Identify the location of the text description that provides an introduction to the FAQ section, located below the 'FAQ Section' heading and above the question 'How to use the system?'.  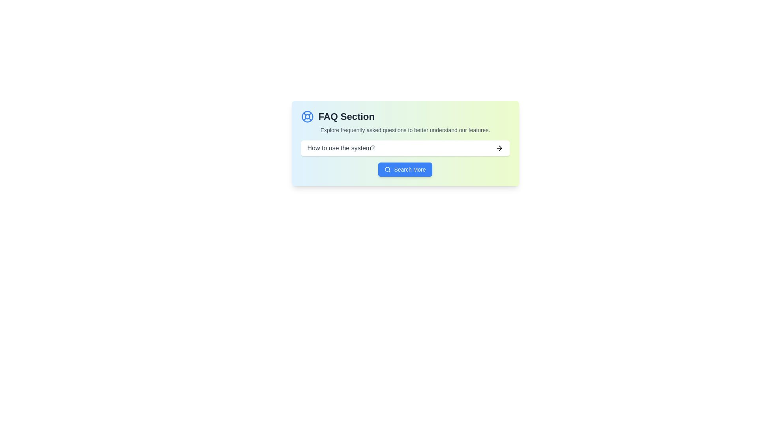
(405, 130).